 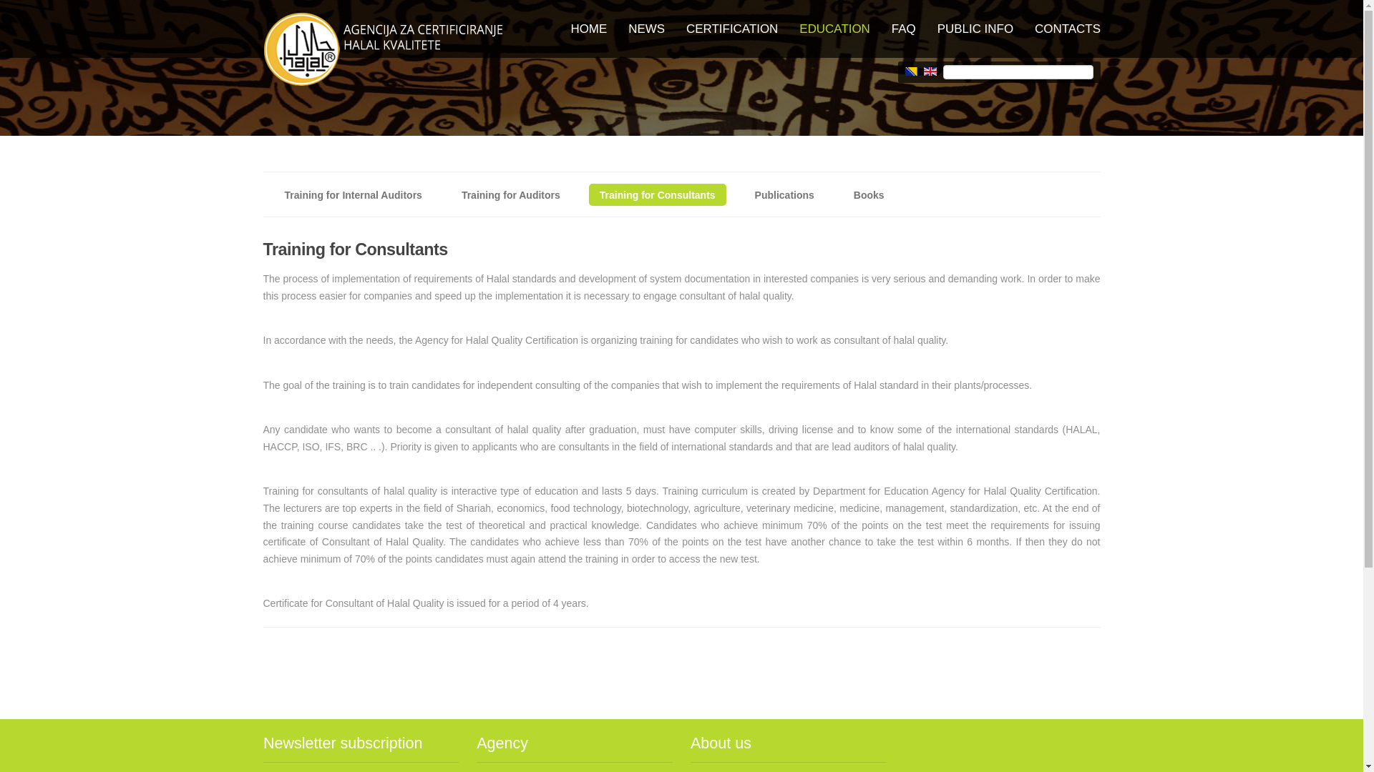 I want to click on 'Training for Internal Auditors', so click(x=353, y=194).